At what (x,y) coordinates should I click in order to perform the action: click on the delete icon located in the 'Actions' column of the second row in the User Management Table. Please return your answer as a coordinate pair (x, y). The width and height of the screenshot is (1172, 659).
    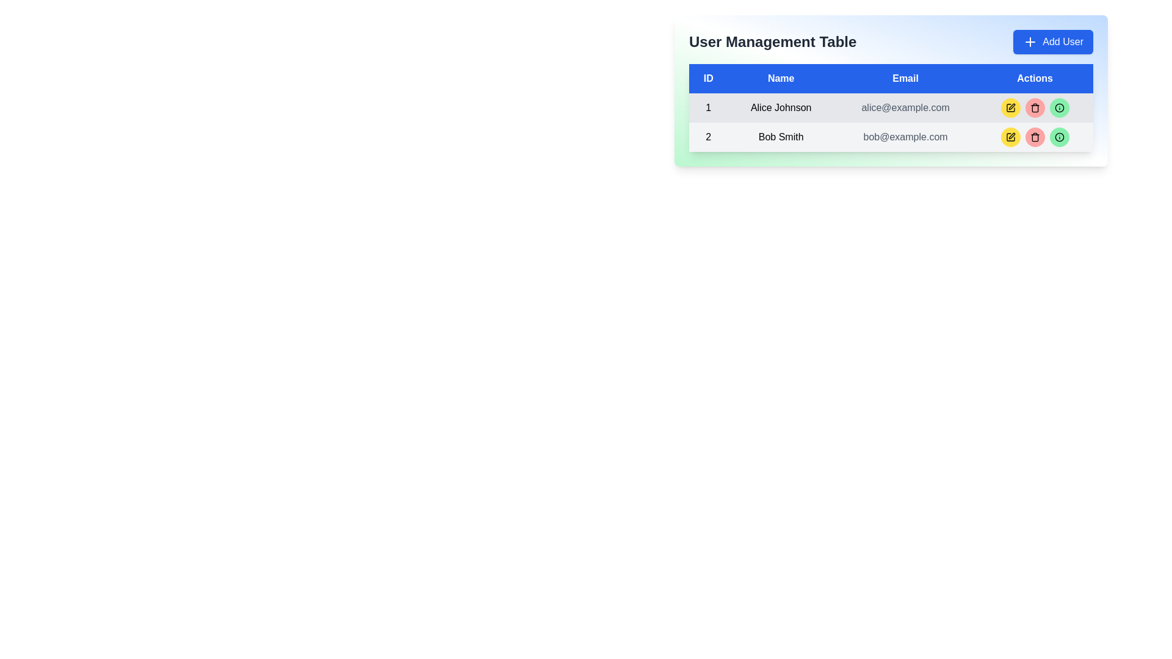
    Looking at the image, I should click on (1034, 137).